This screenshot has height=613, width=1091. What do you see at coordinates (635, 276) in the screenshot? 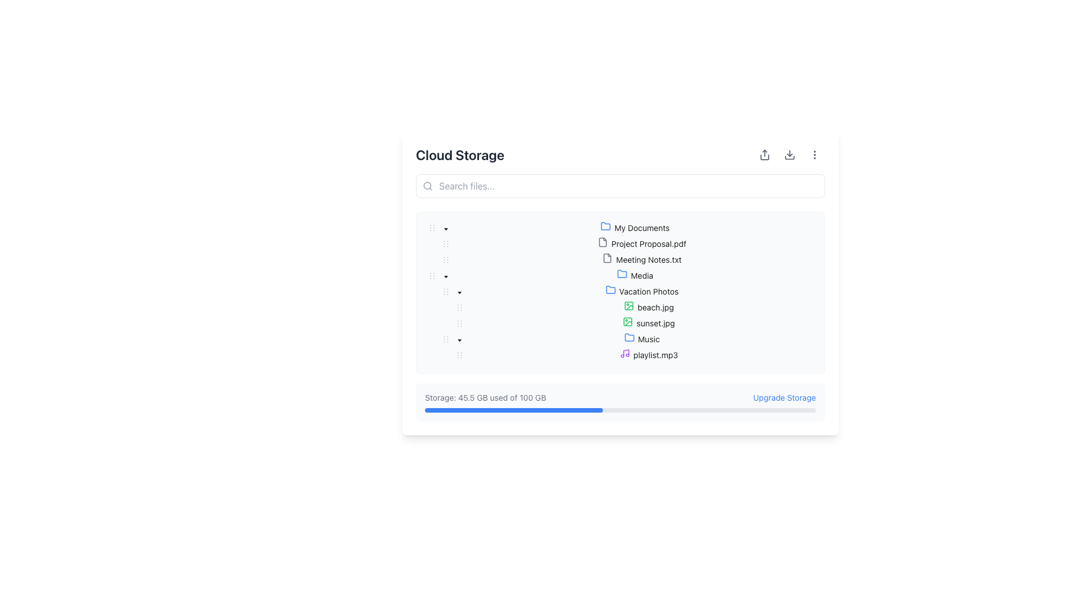
I see `on the 'Media' folder item, which is the second item in the hierarchical folder list under 'My Documents'` at bounding box center [635, 276].